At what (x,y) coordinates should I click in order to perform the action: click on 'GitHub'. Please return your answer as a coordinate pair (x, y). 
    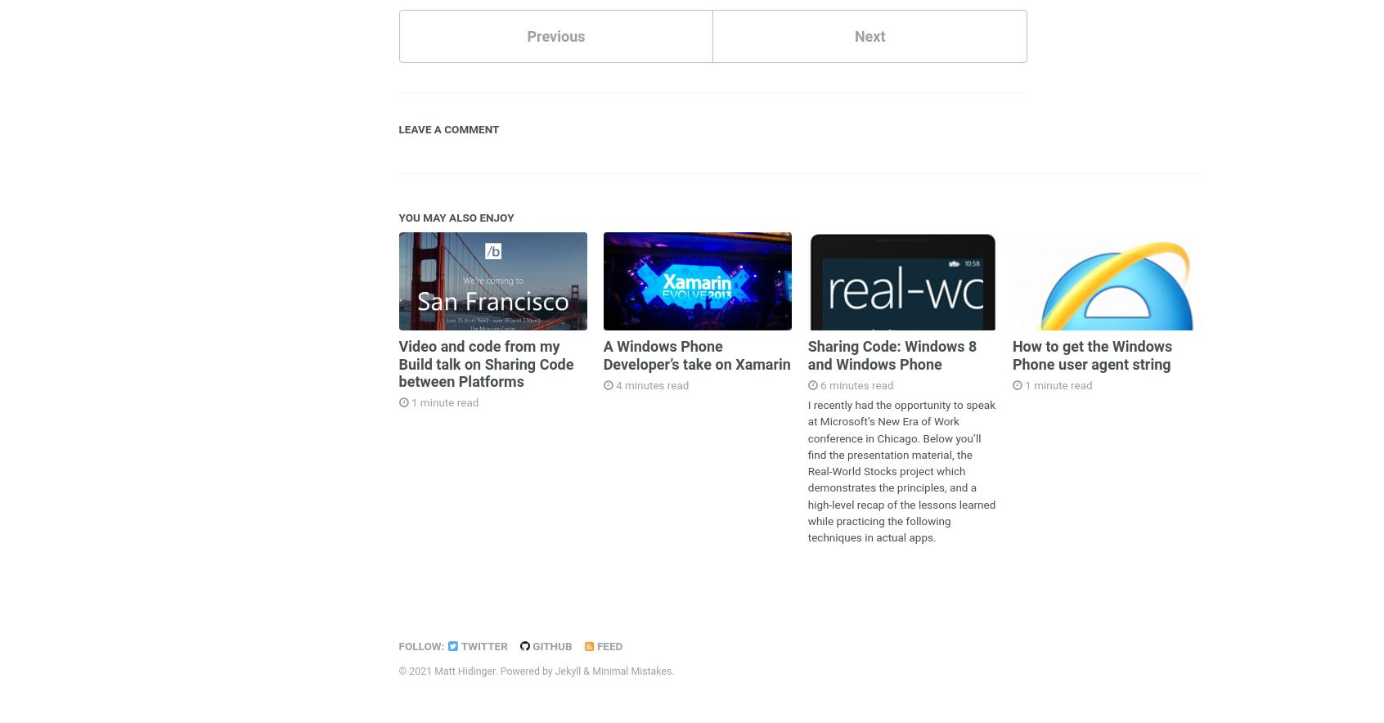
    Looking at the image, I should click on (529, 644).